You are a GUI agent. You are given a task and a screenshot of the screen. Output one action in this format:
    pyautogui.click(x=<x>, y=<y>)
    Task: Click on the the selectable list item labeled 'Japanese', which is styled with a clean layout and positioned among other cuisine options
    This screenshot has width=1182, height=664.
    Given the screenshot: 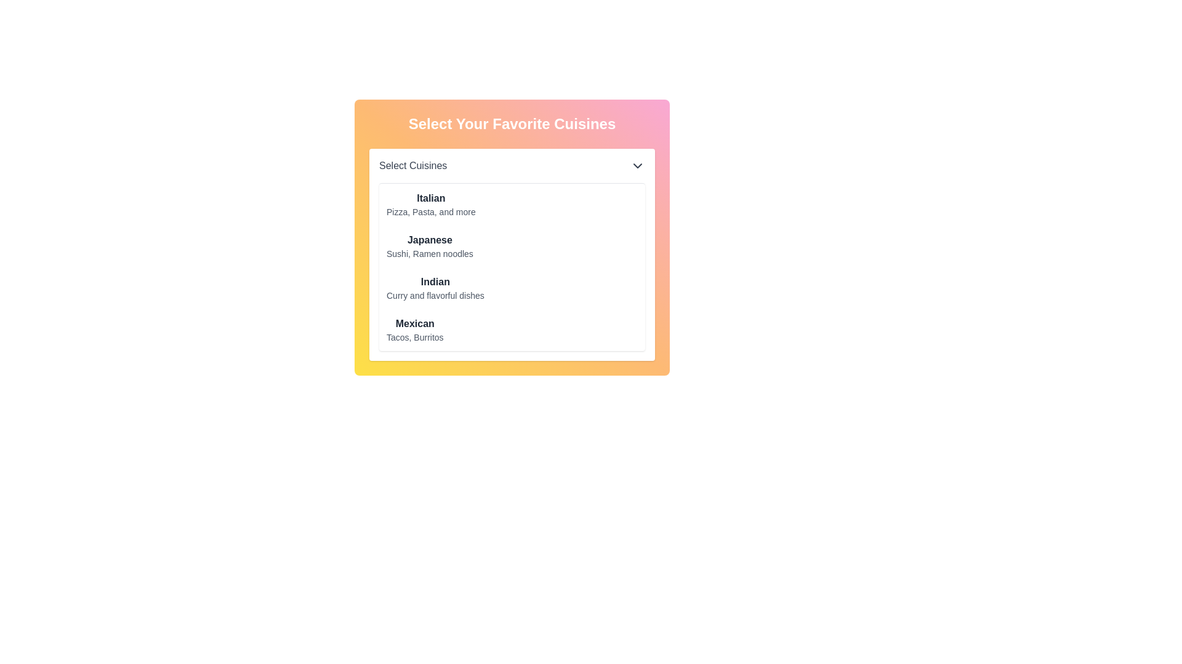 What is the action you would take?
    pyautogui.click(x=512, y=237)
    